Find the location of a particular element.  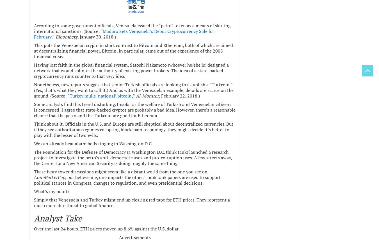

'Bloomberg' is located at coordinates (66, 36).